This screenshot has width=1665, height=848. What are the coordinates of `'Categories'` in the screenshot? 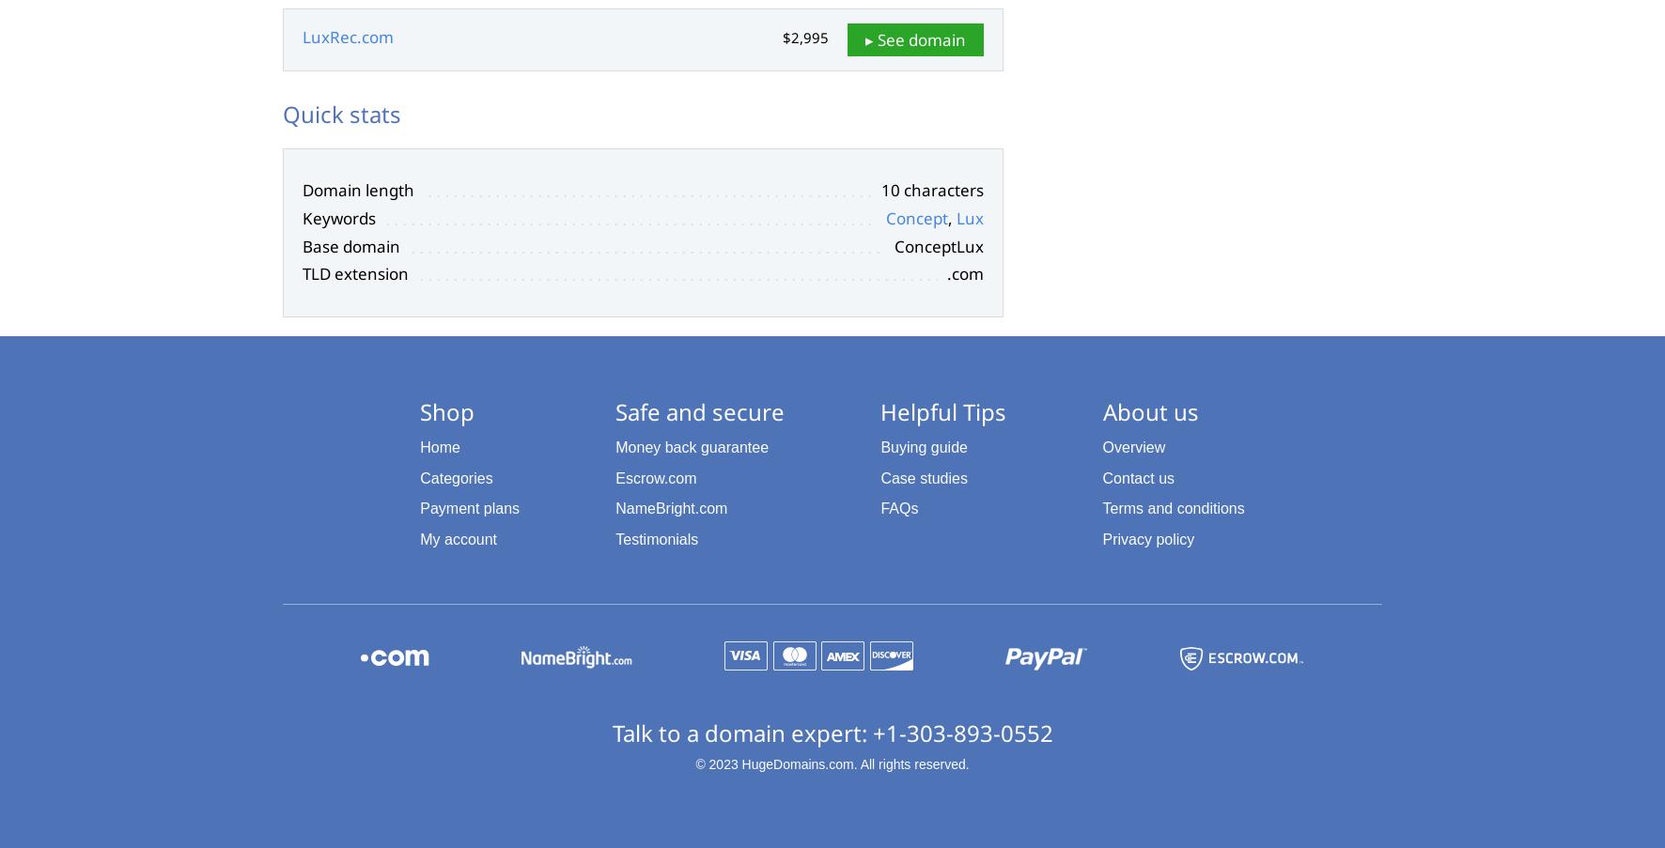 It's located at (455, 477).